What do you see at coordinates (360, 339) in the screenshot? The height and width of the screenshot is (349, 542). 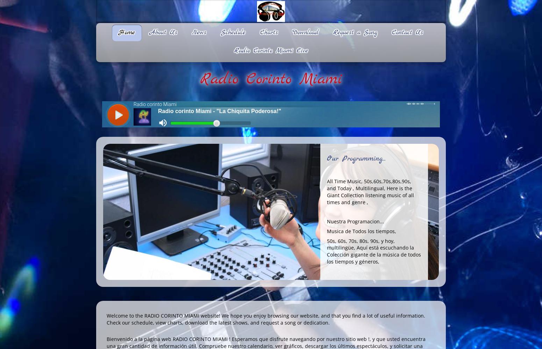 I see `'sitio web !, y'` at bounding box center [360, 339].